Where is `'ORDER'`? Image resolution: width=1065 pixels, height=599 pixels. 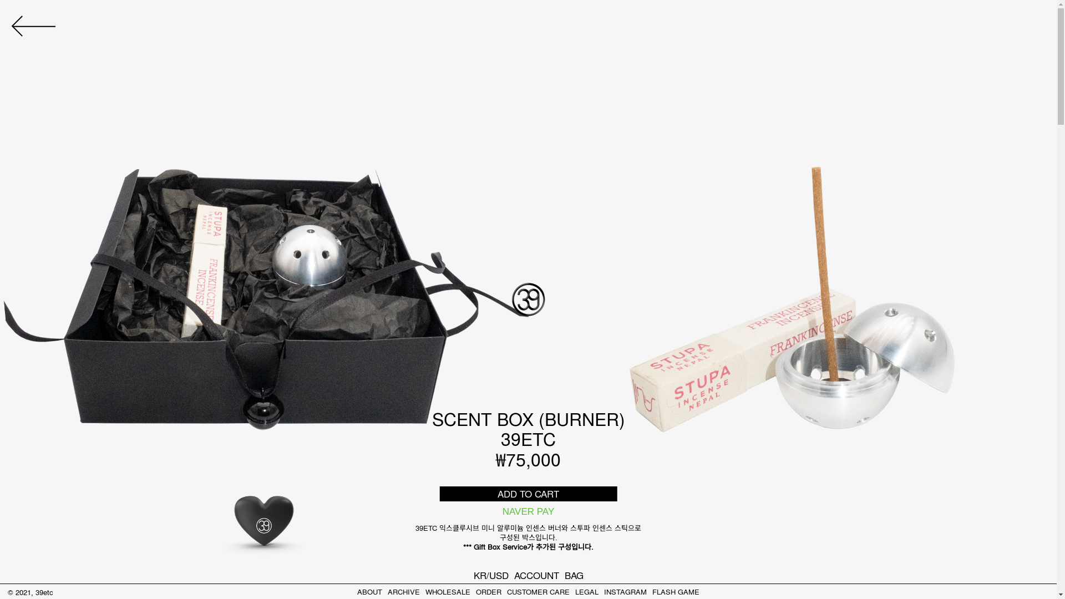
'ORDER' is located at coordinates (488, 591).